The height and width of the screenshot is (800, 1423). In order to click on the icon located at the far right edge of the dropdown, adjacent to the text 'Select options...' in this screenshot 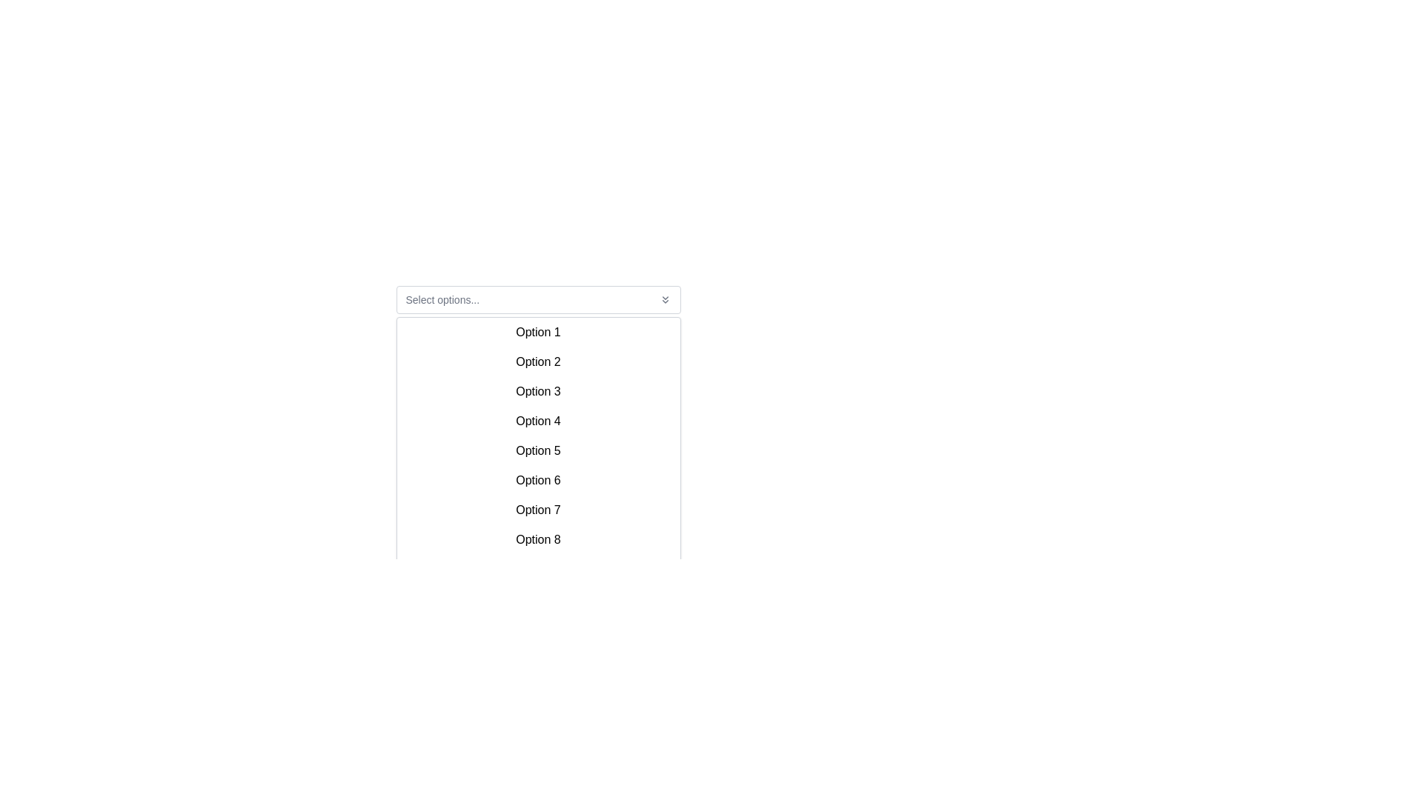, I will do `click(664, 300)`.